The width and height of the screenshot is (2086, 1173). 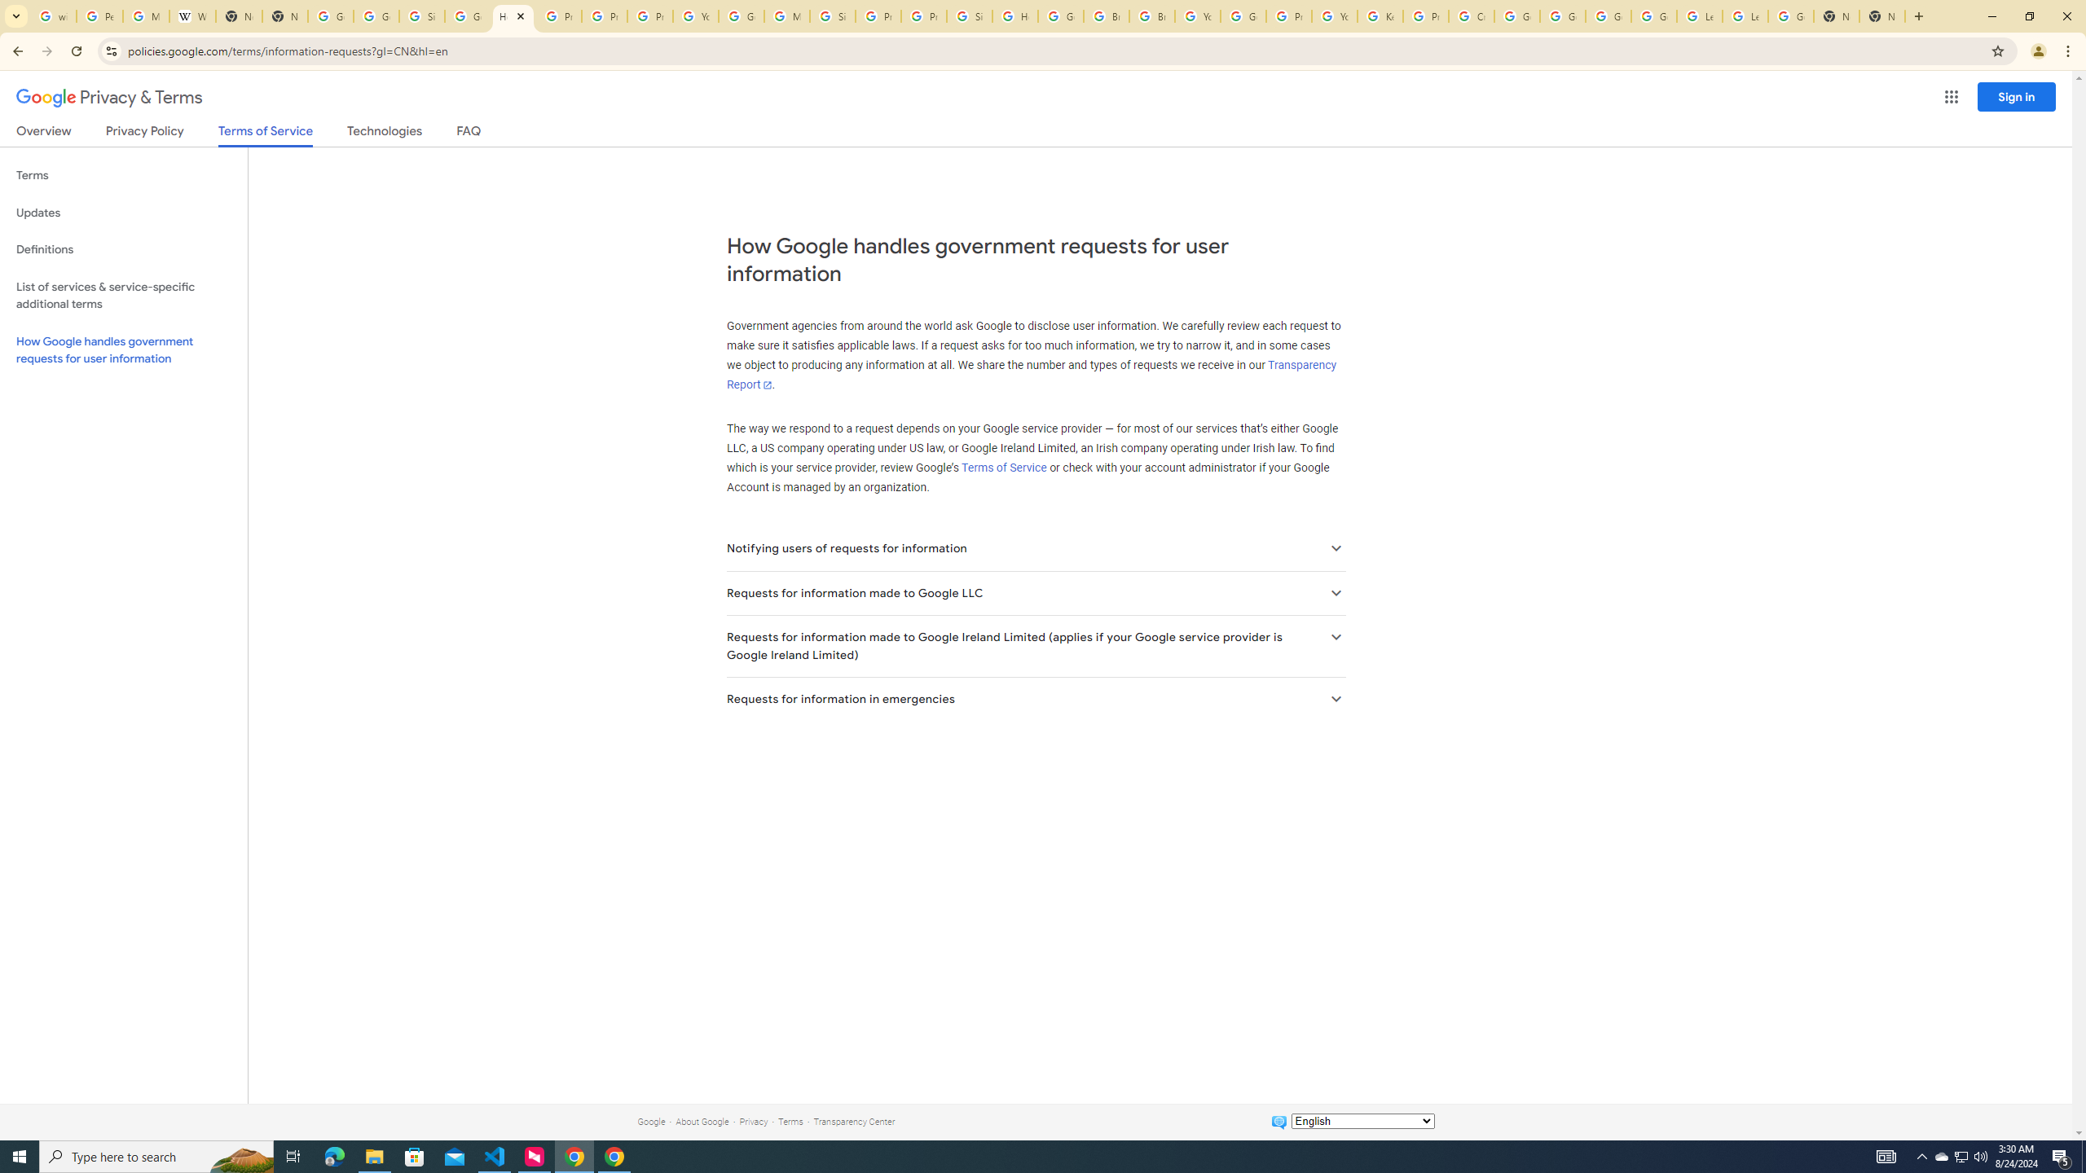 I want to click on 'Personalization & Google Search results - Google Search Help', so click(x=99, y=15).